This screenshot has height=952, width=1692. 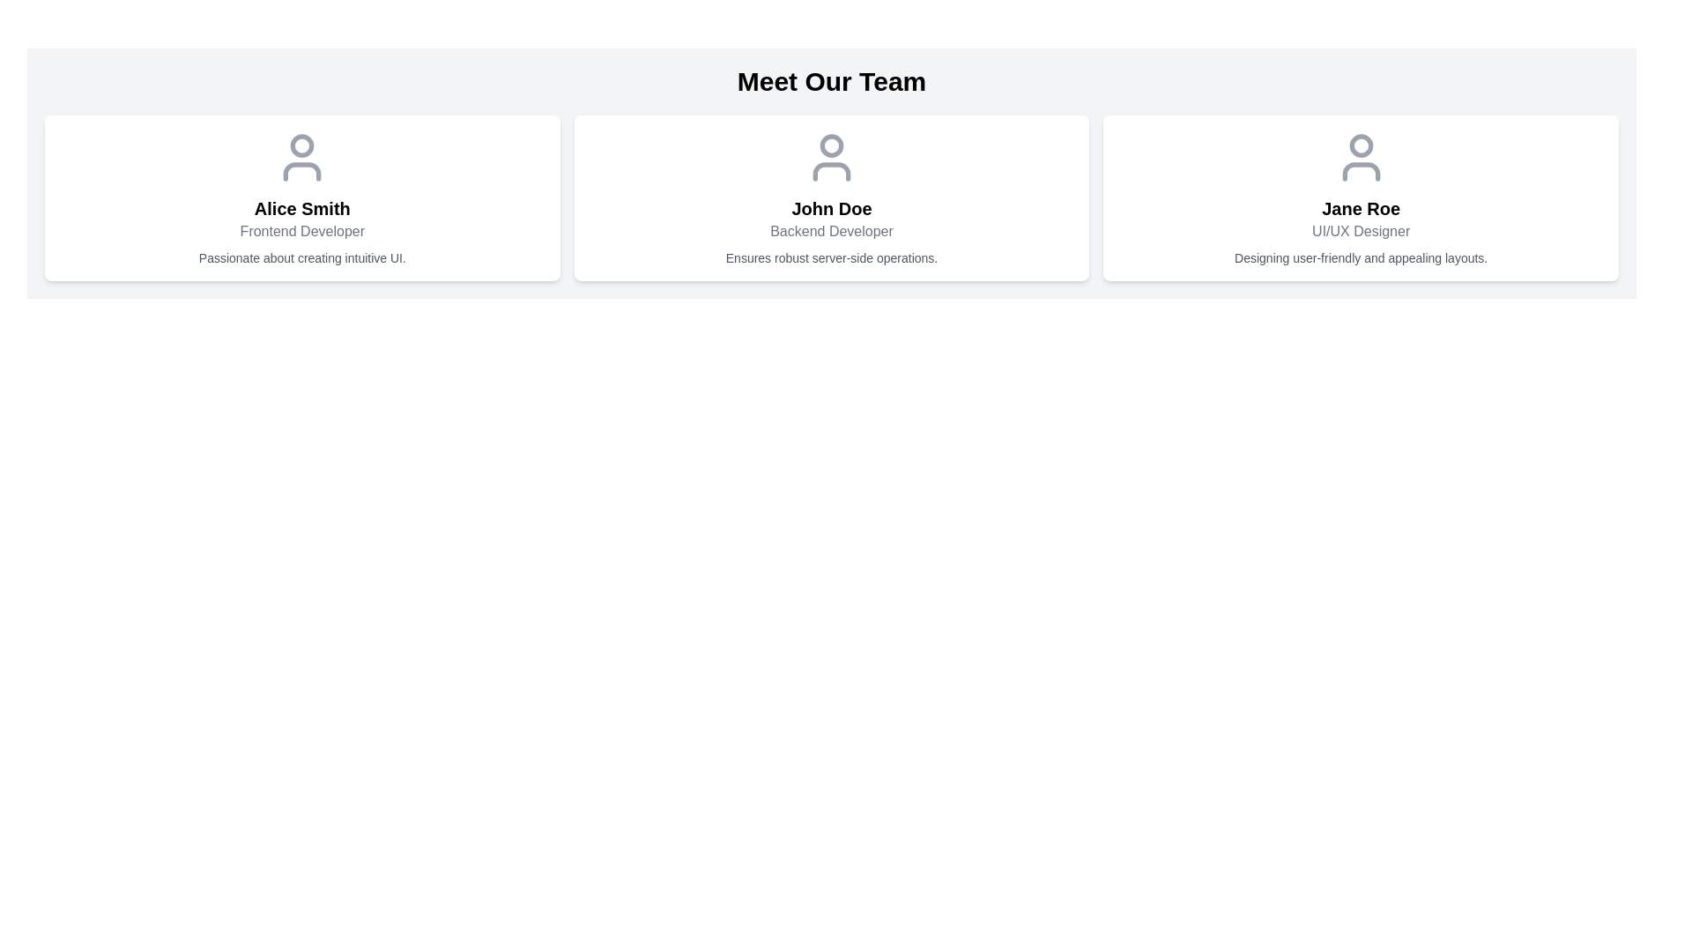 I want to click on the static text label displaying Alice Smith's professional title, which is located within her profile card, positioned below her name and above the descriptive text, so click(x=302, y=230).